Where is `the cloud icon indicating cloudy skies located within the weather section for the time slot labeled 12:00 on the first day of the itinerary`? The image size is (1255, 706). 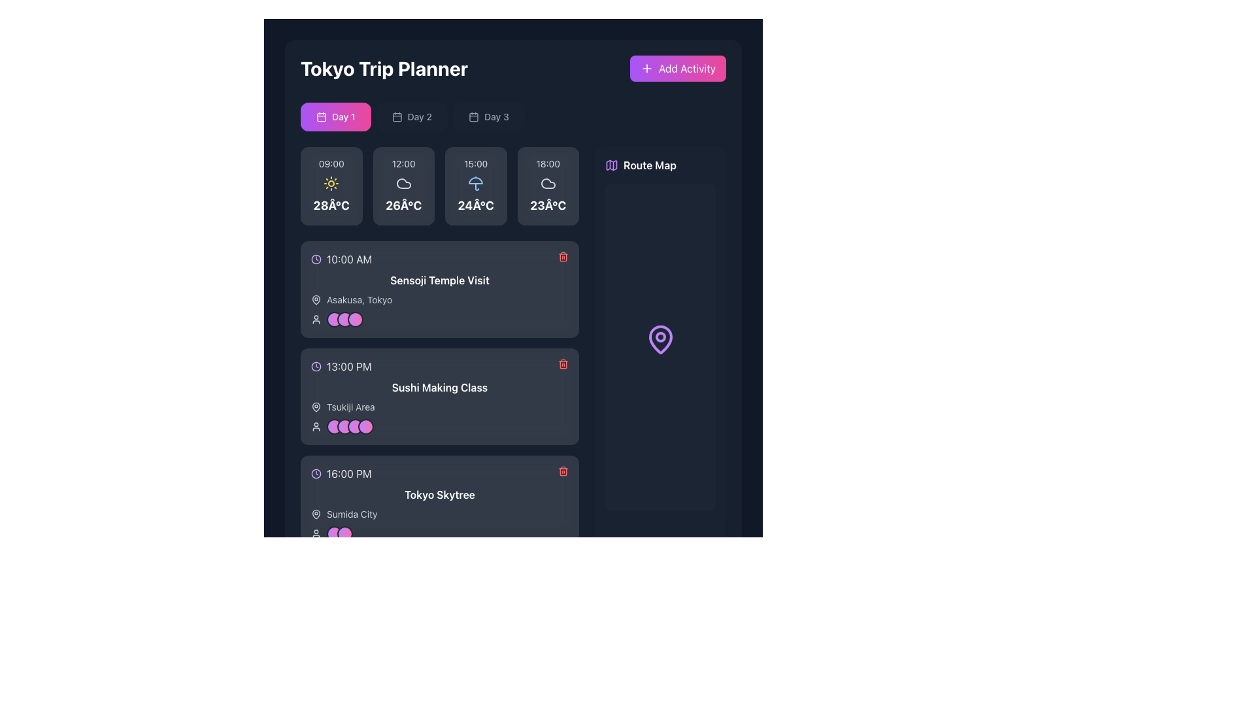 the cloud icon indicating cloudy skies located within the weather section for the time slot labeled 12:00 on the first day of the itinerary is located at coordinates (403, 184).